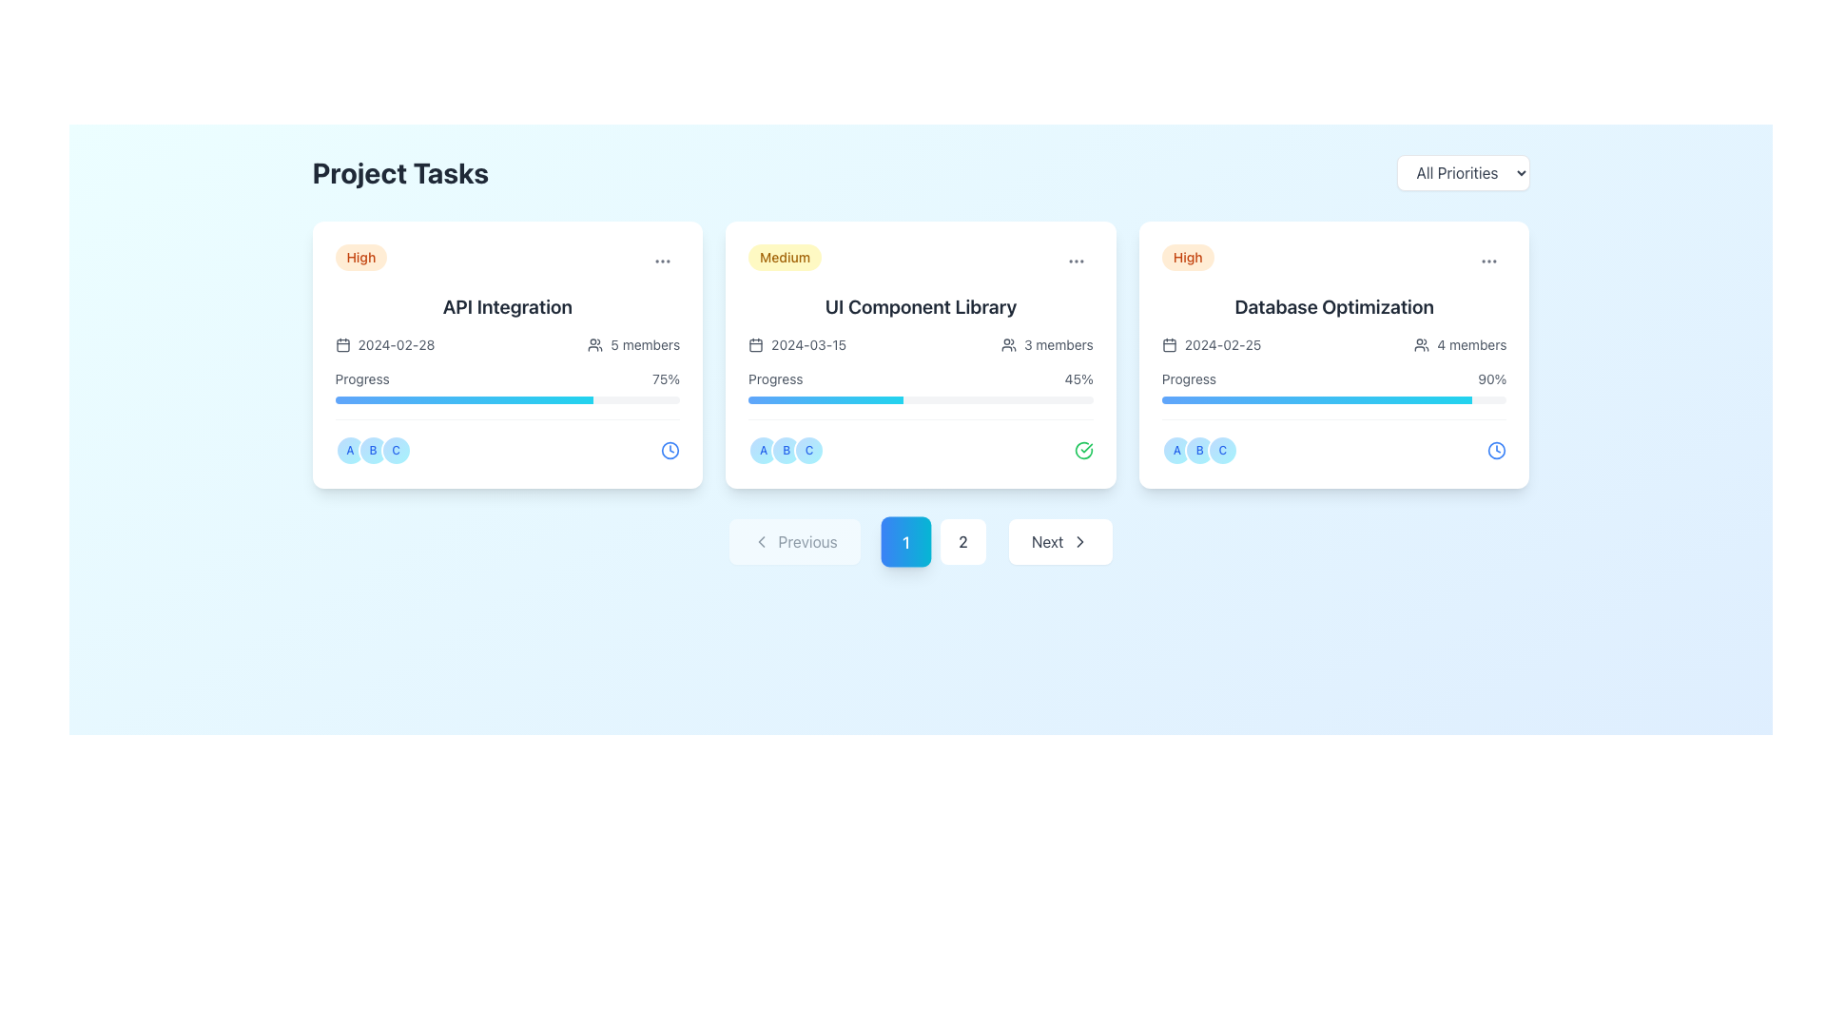 The image size is (1826, 1027). I want to click on the 'Progress' text label, so click(362, 378).